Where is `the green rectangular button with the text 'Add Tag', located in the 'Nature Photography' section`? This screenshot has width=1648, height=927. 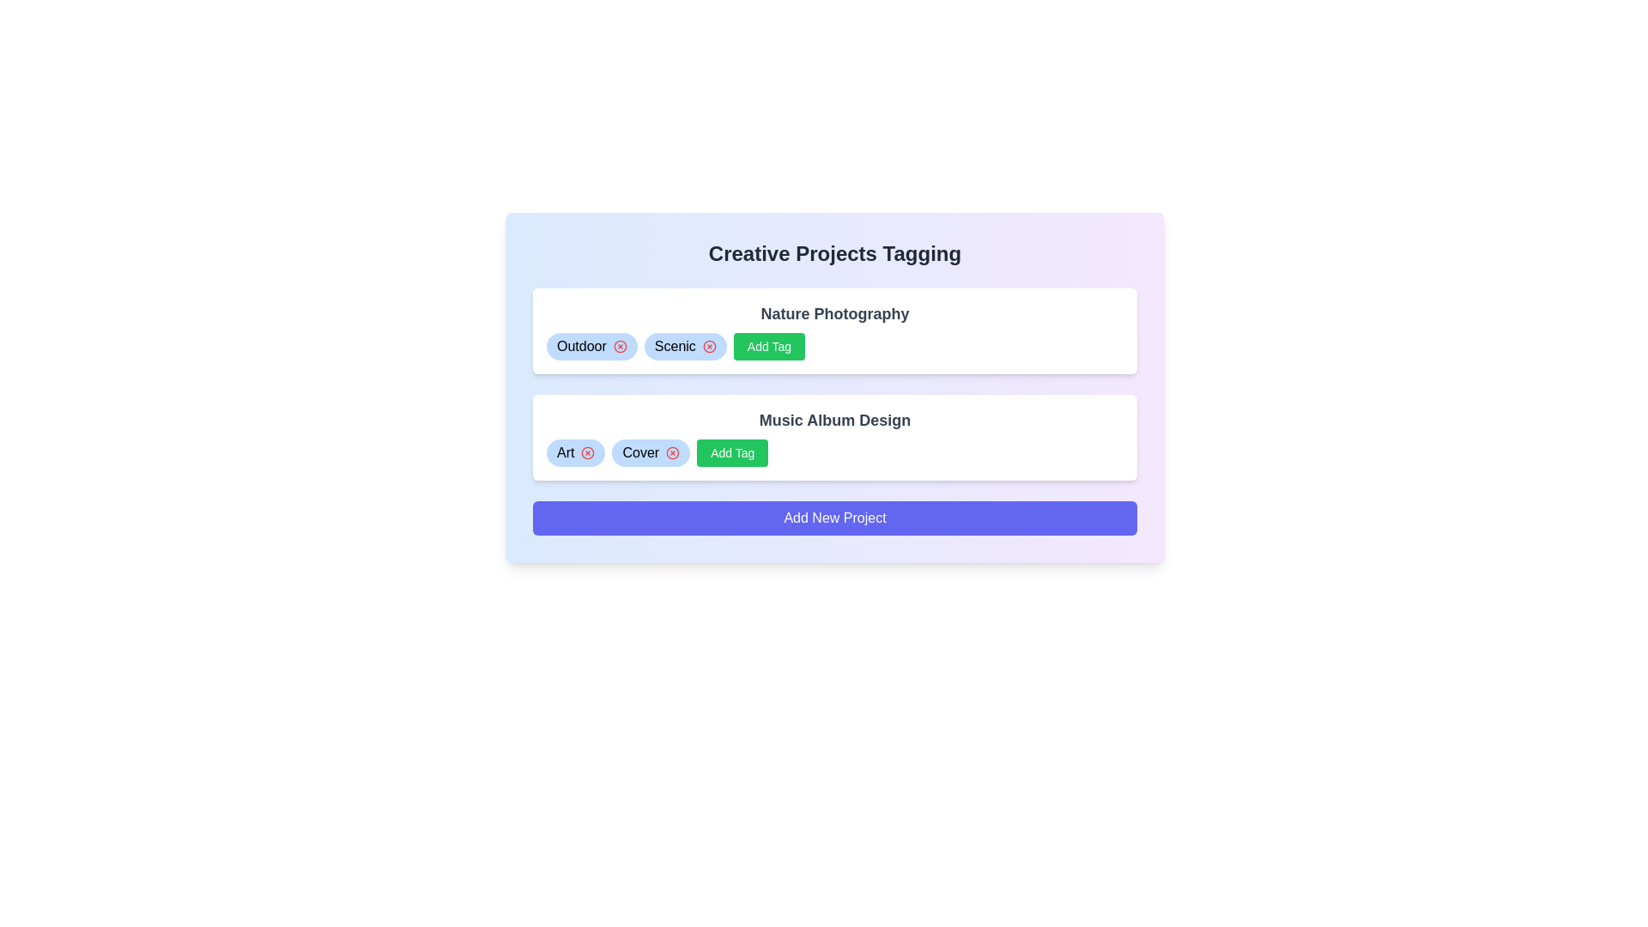
the green rectangular button with the text 'Add Tag', located in the 'Nature Photography' section is located at coordinates (768, 347).